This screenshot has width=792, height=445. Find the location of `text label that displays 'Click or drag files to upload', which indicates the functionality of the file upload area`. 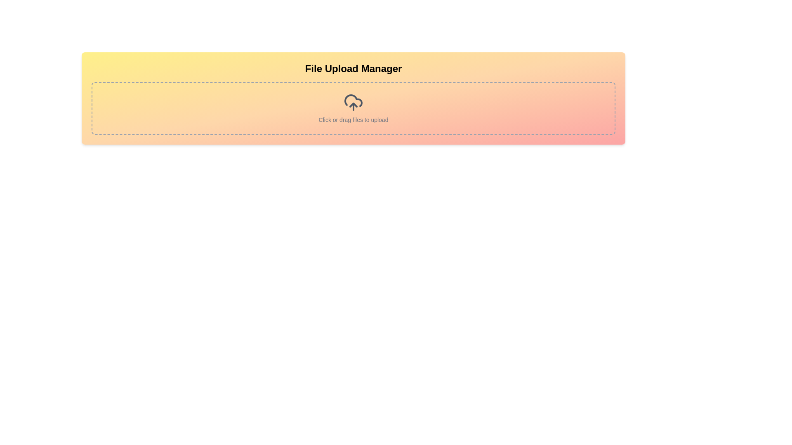

text label that displays 'Click or drag files to upload', which indicates the functionality of the file upload area is located at coordinates (354, 119).